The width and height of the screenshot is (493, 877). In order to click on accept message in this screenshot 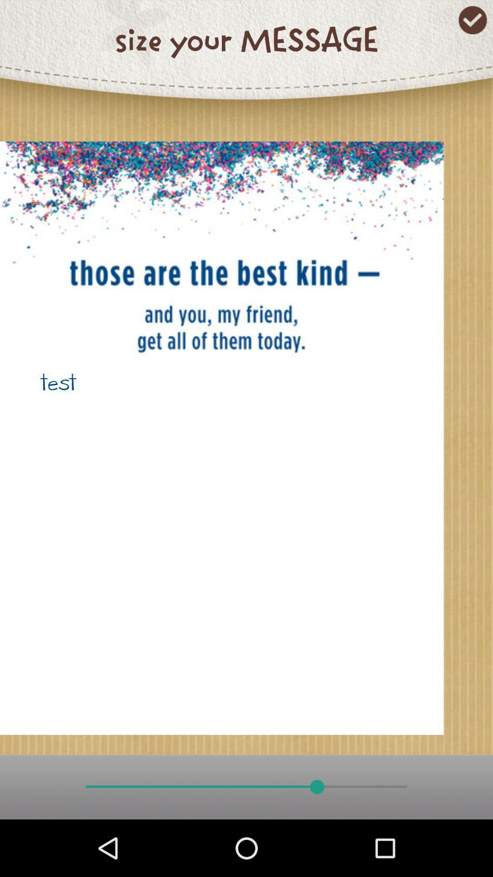, I will do `click(472, 20)`.